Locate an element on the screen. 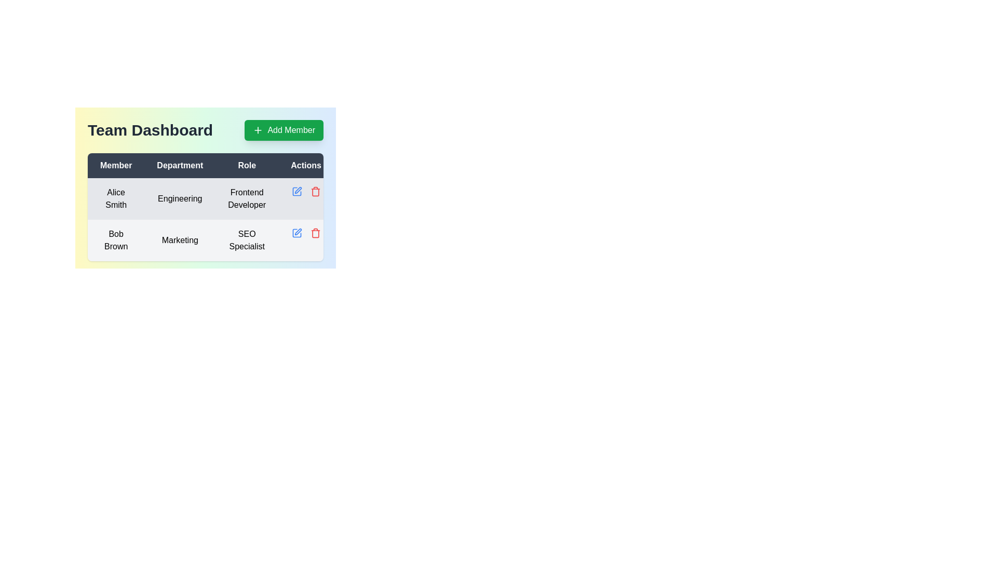 The image size is (997, 561). the static text label displaying the name 'Alice Smith' in the 'Member' column of the table is located at coordinates (116, 198).